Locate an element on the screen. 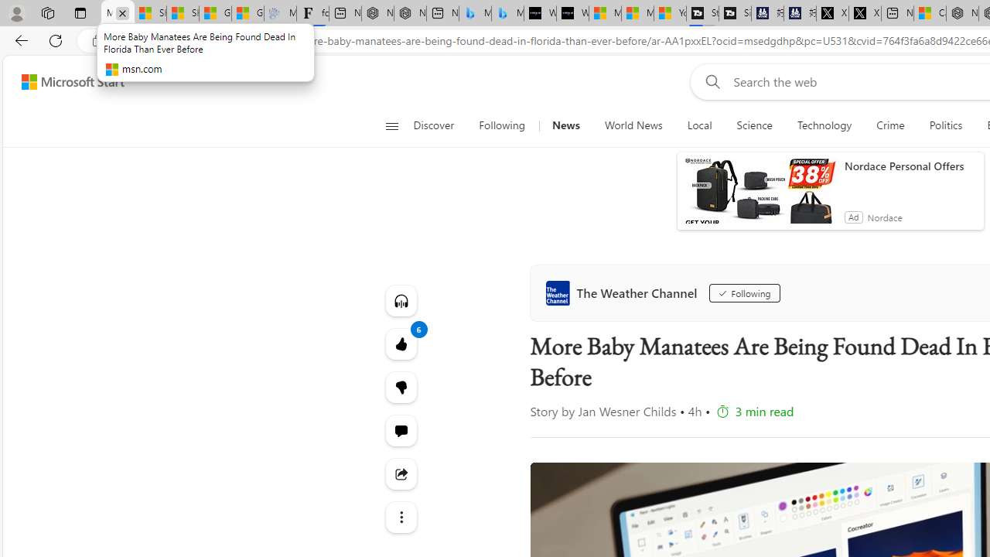 The image size is (990, 557). 'Following' is located at coordinates (501, 125).